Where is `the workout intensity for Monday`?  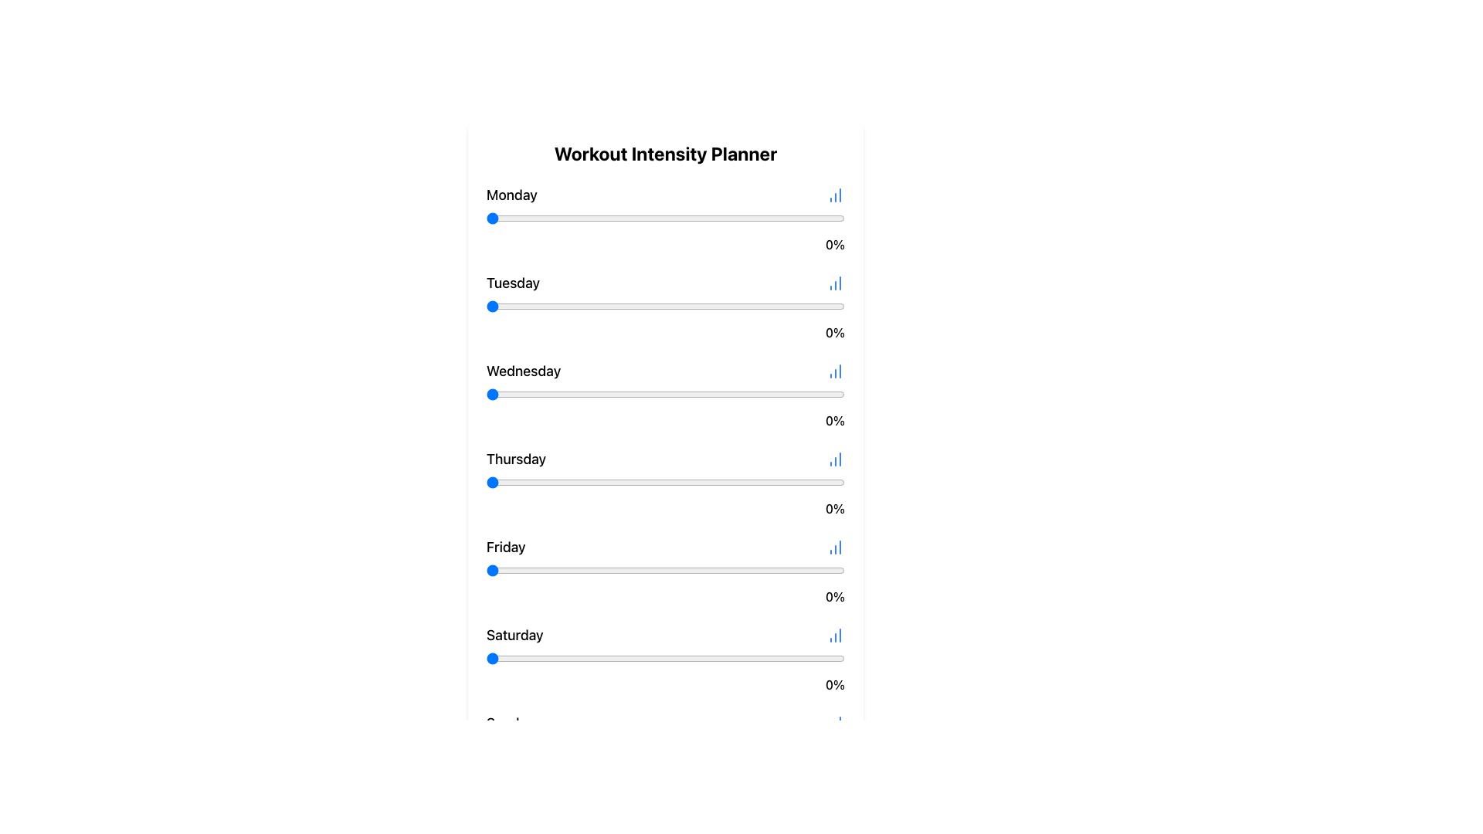
the workout intensity for Monday is located at coordinates (722, 218).